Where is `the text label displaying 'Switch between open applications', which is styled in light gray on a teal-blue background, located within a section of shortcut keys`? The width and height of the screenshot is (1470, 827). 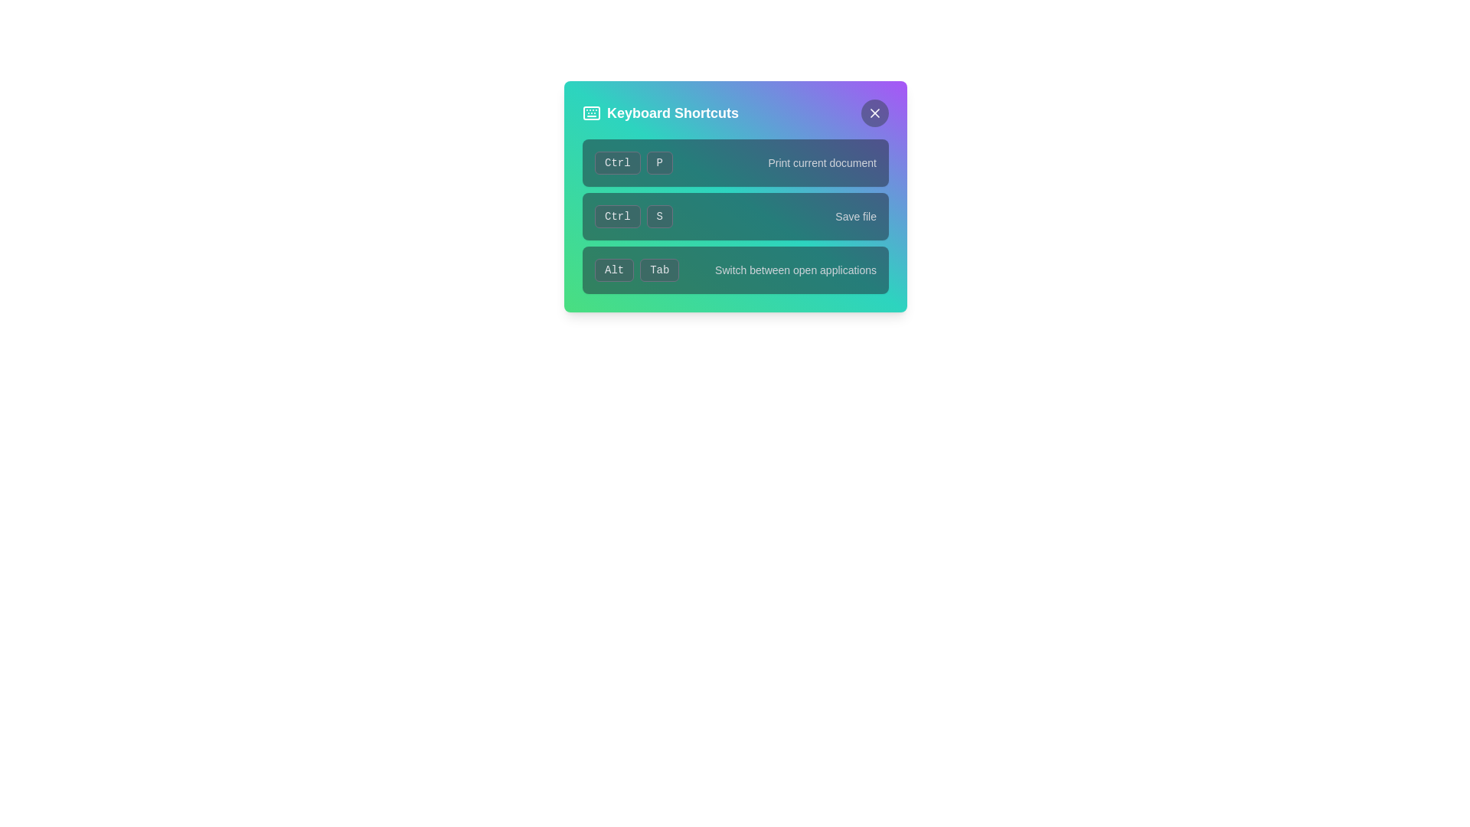 the text label displaying 'Switch between open applications', which is styled in light gray on a teal-blue background, located within a section of shortcut keys is located at coordinates (795, 270).